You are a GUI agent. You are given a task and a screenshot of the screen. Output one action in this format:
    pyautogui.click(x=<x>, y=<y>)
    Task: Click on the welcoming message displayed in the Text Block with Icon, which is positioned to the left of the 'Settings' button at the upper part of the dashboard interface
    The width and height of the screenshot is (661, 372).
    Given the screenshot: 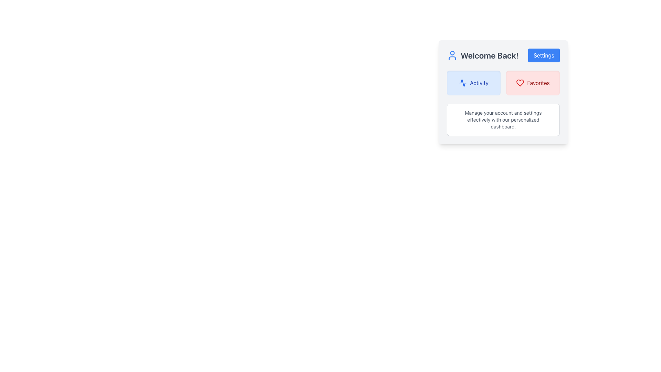 What is the action you would take?
    pyautogui.click(x=482, y=55)
    